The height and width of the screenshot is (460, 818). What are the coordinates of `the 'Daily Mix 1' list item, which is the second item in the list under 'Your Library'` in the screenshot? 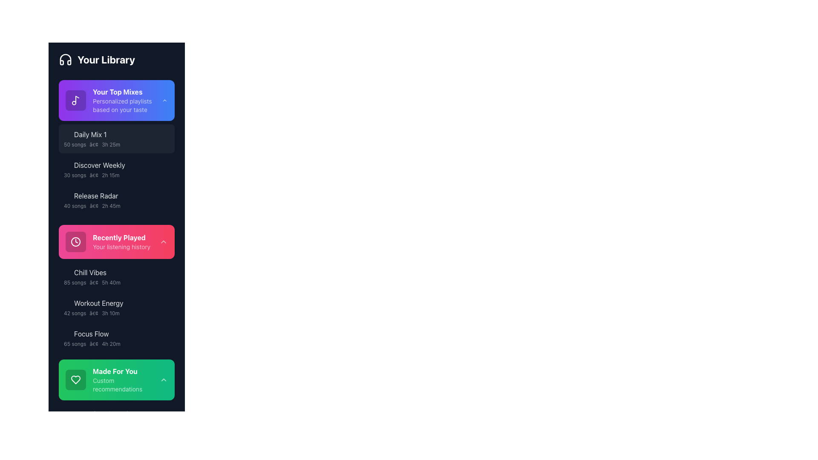 It's located at (112, 138).